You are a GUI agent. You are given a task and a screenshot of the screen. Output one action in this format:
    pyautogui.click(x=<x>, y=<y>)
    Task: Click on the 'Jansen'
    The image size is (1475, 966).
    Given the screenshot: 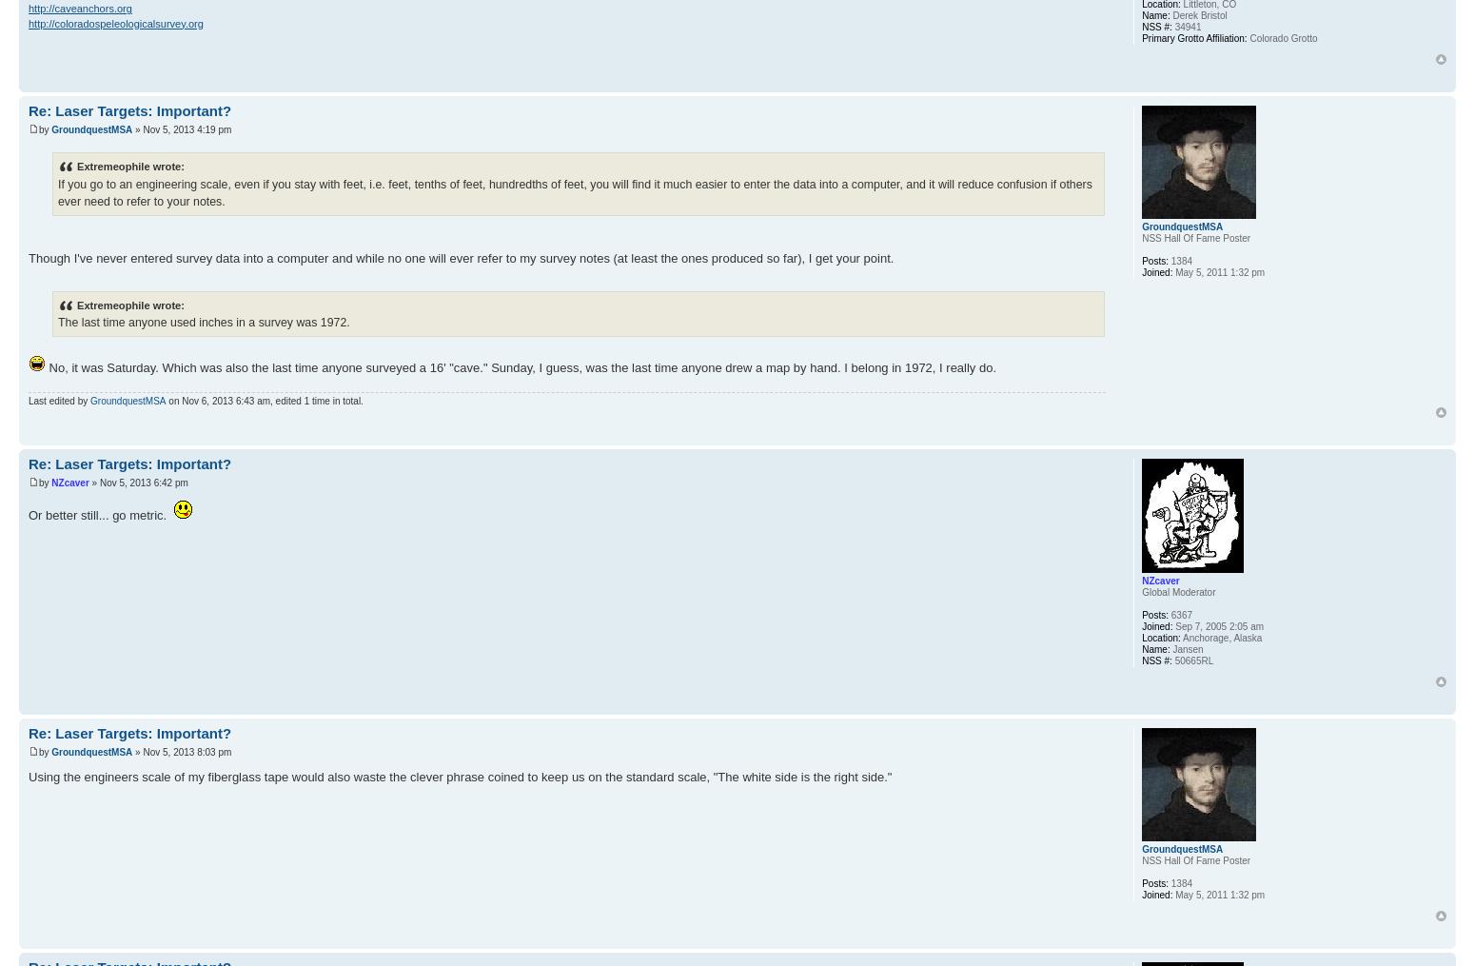 What is the action you would take?
    pyautogui.click(x=1169, y=648)
    